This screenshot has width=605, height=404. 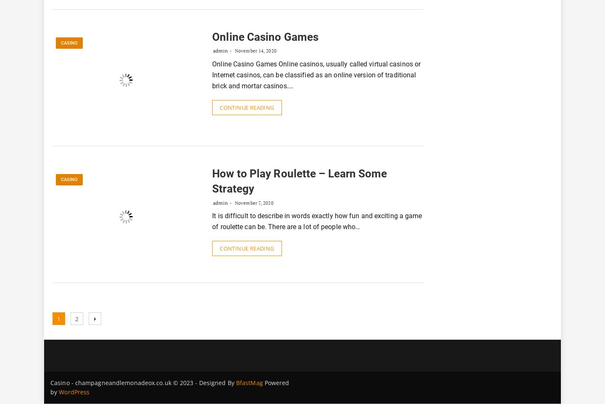 What do you see at coordinates (265, 37) in the screenshot?
I see `'Online Casino Games'` at bounding box center [265, 37].